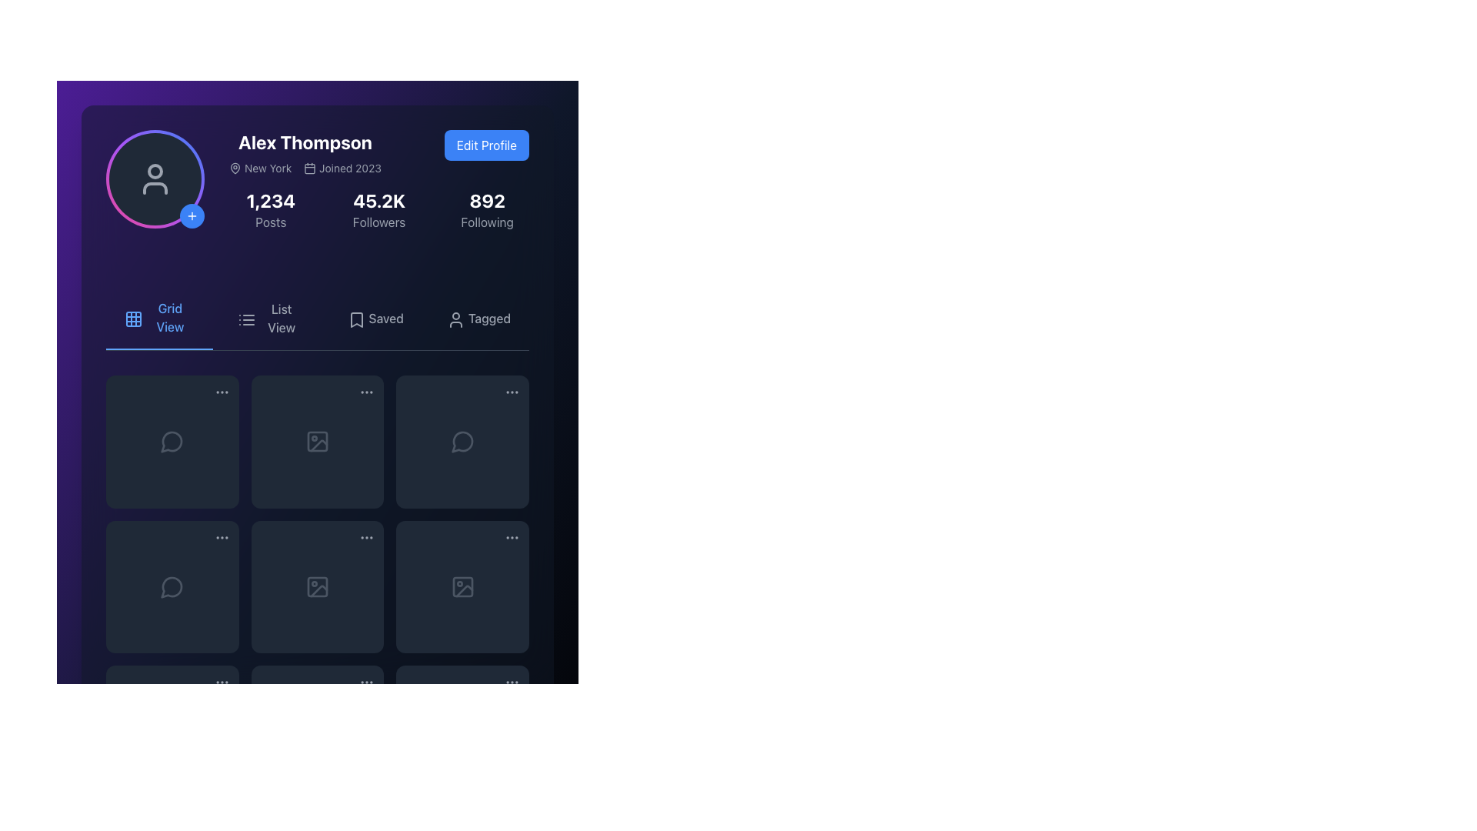  What do you see at coordinates (375, 317) in the screenshot?
I see `the navigation button for saved posts, located in the third position among the four main navigation tabs below the user's profile information` at bounding box center [375, 317].